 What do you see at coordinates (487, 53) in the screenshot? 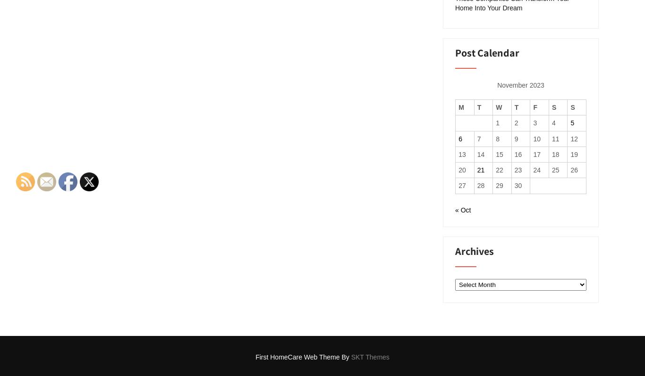
I see `'Post Calendar'` at bounding box center [487, 53].